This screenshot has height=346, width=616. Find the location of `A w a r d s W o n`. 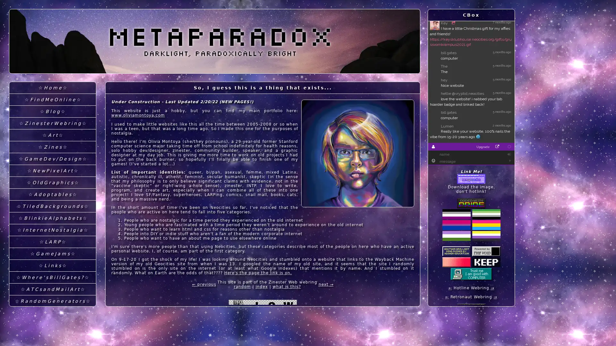

A w a r d s W o n is located at coordinates (52, 336).